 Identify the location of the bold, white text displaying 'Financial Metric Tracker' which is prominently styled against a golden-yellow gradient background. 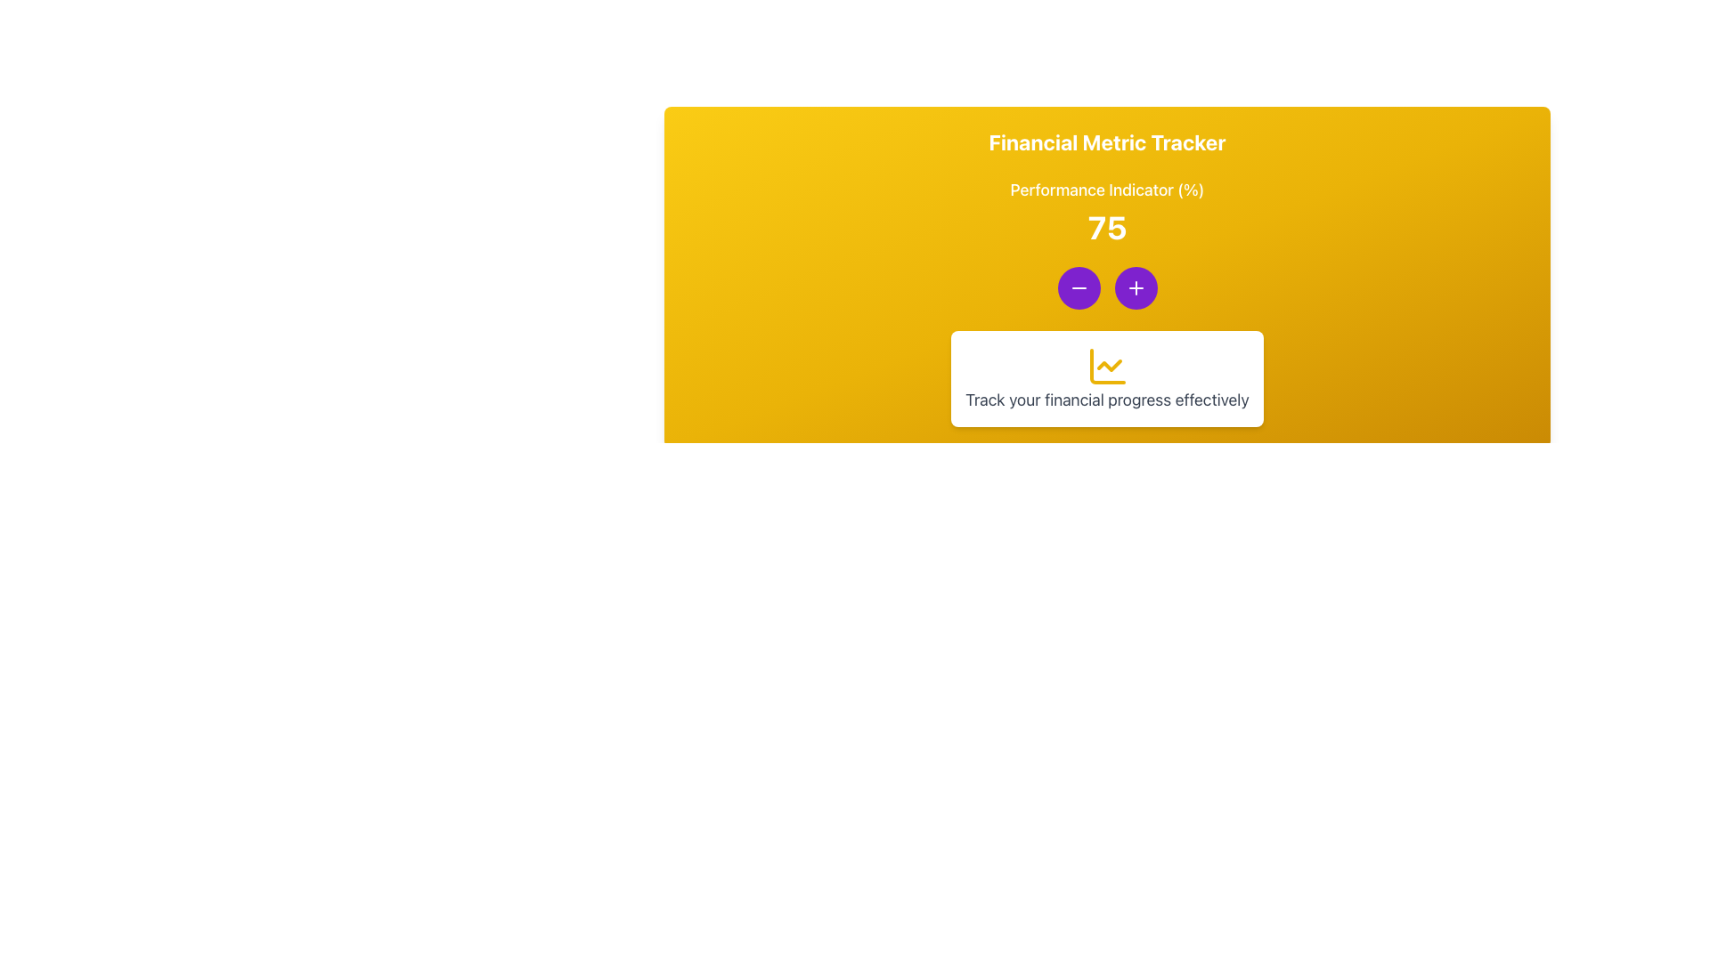
(1106, 141).